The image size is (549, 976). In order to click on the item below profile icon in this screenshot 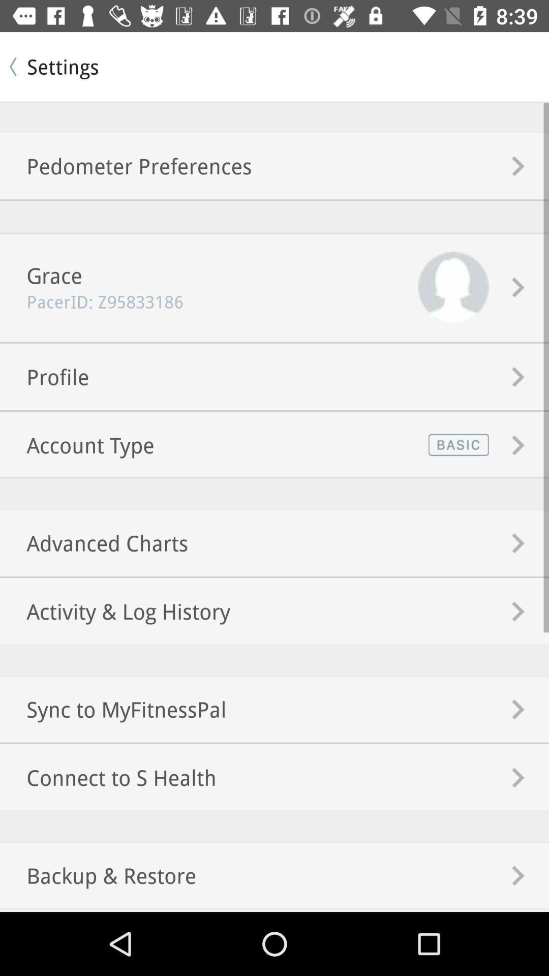, I will do `click(76, 445)`.